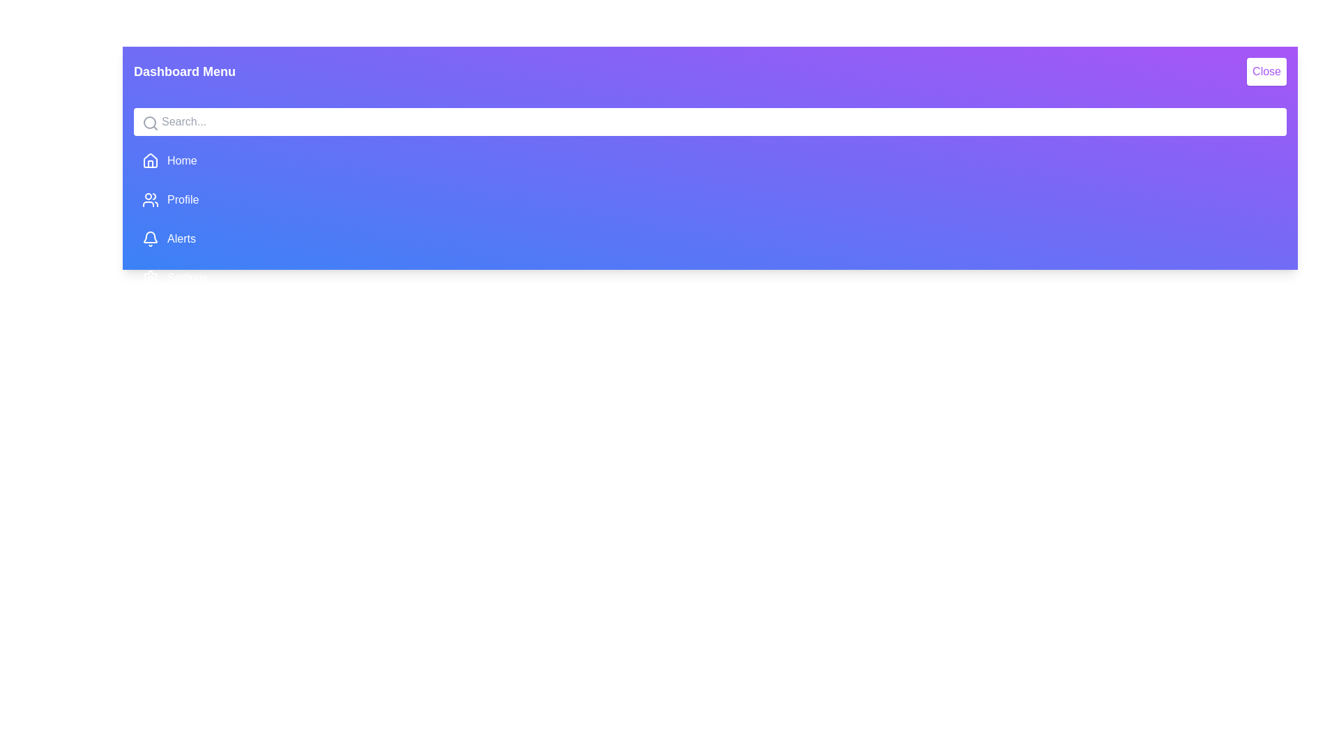  Describe the element at coordinates (151, 199) in the screenshot. I see `the group of people icon located to the left of the 'Profile' label, which is styled with a thin, curvilinear black stroke and consists of two overlapping circular shapes` at that location.